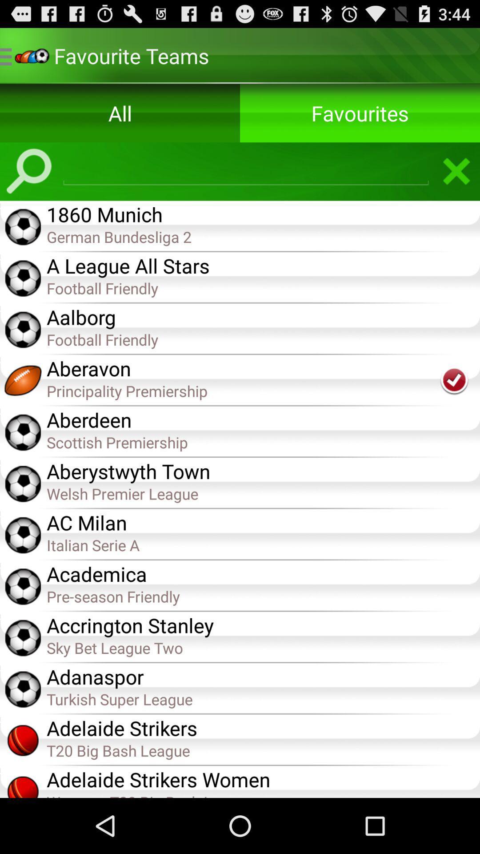  I want to click on app above the welsh premier league app, so click(263, 470).